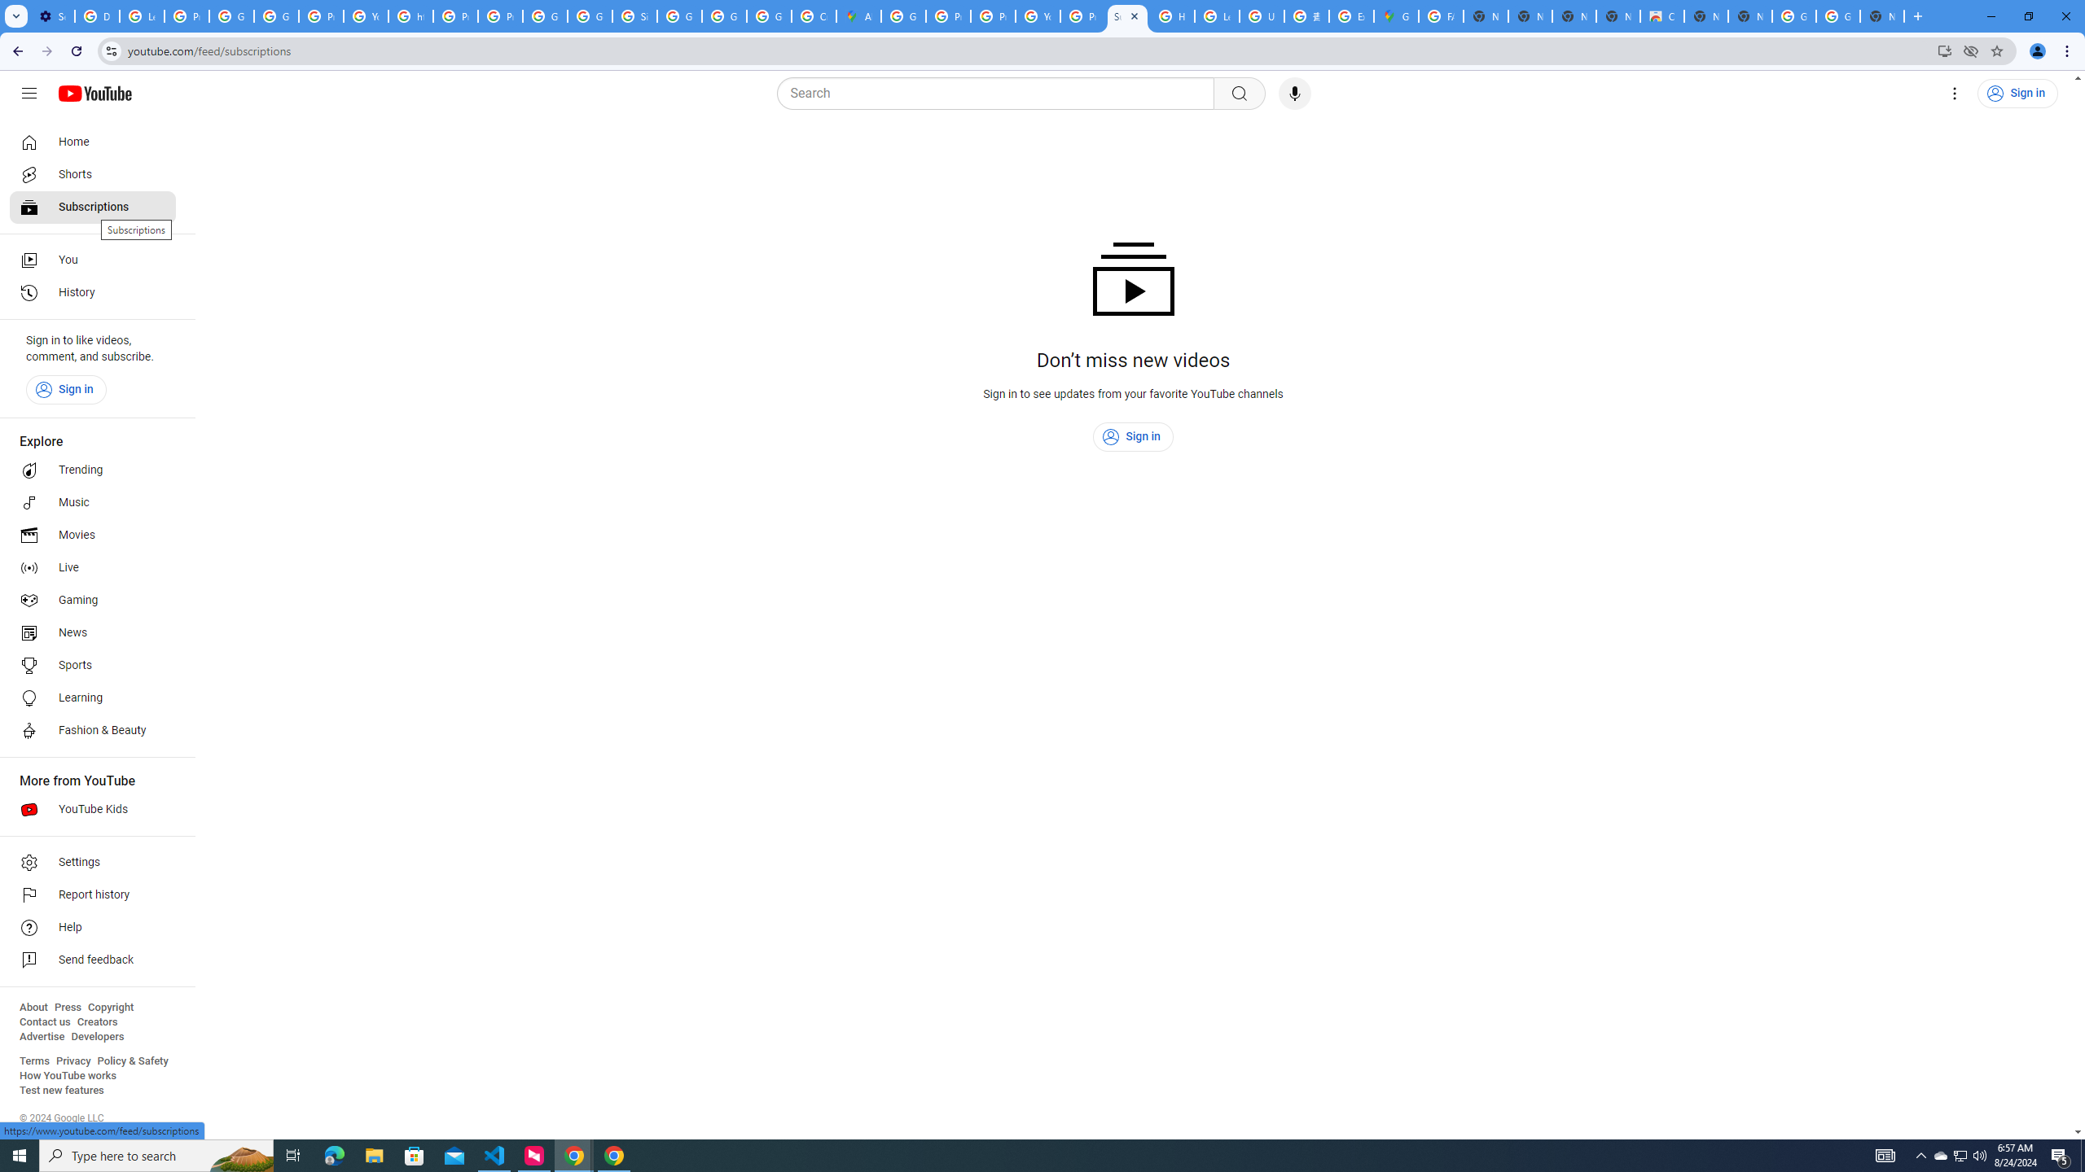 The height and width of the screenshot is (1172, 2085). Describe the element at coordinates (92, 501) in the screenshot. I see `'Music'` at that location.